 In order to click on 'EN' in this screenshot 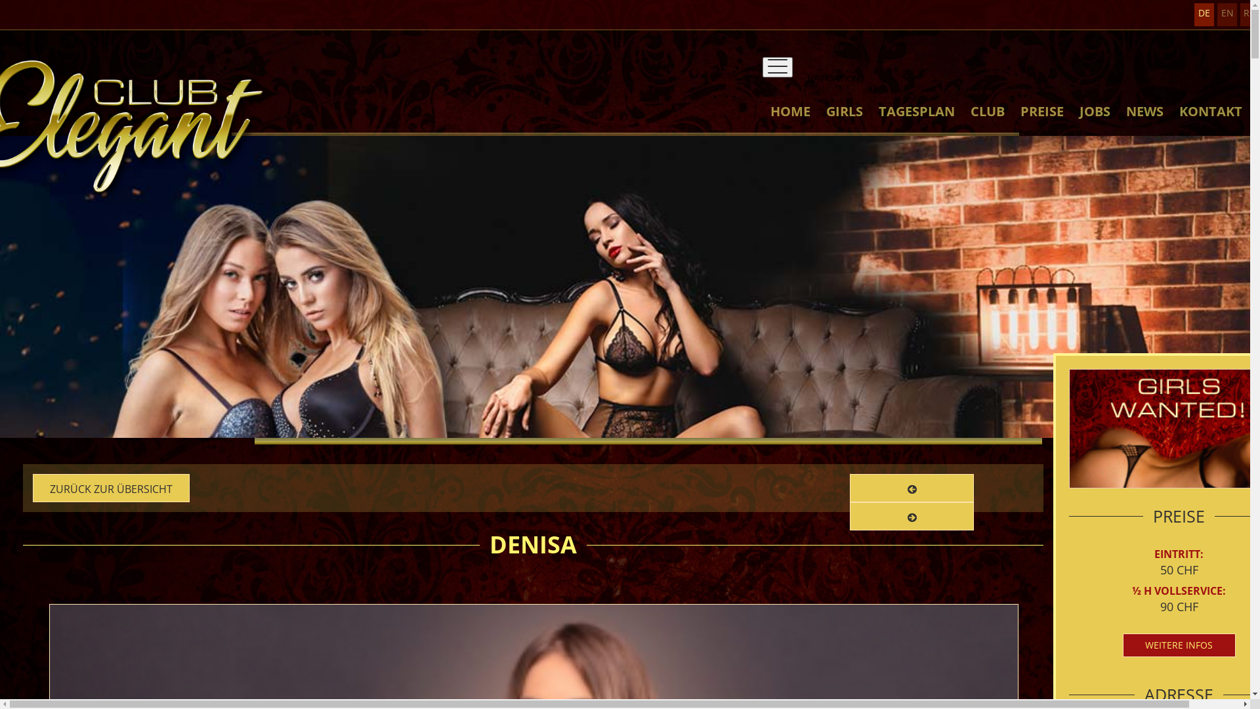, I will do `click(1227, 14)`.